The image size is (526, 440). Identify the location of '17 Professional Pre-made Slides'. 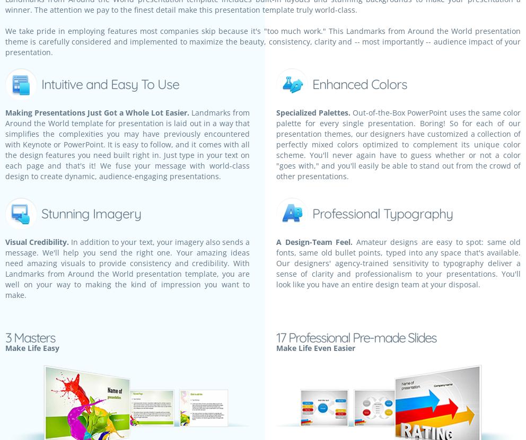
(355, 337).